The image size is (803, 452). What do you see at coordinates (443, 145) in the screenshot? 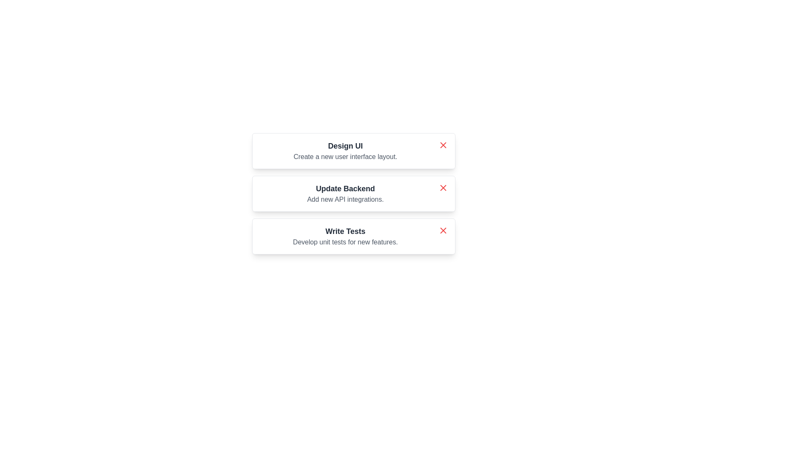
I see `the red 'X' button in the top-right corner of the 'Design UI' card` at bounding box center [443, 145].